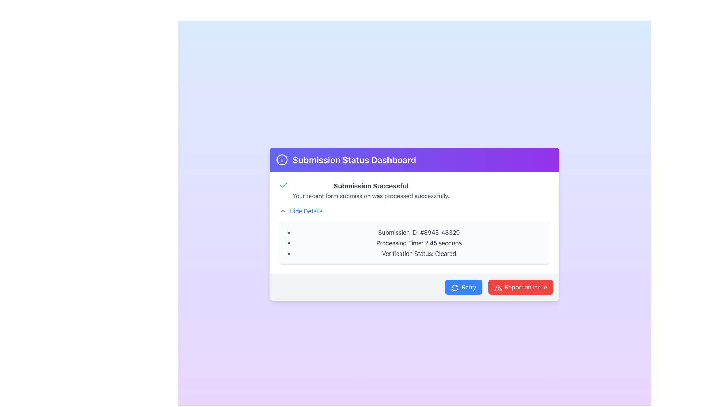 This screenshot has height=407, width=723. I want to click on the retry button located in the bottom-right section of the modal, directly to the left of the 'Report an Issue' button, so click(463, 287).